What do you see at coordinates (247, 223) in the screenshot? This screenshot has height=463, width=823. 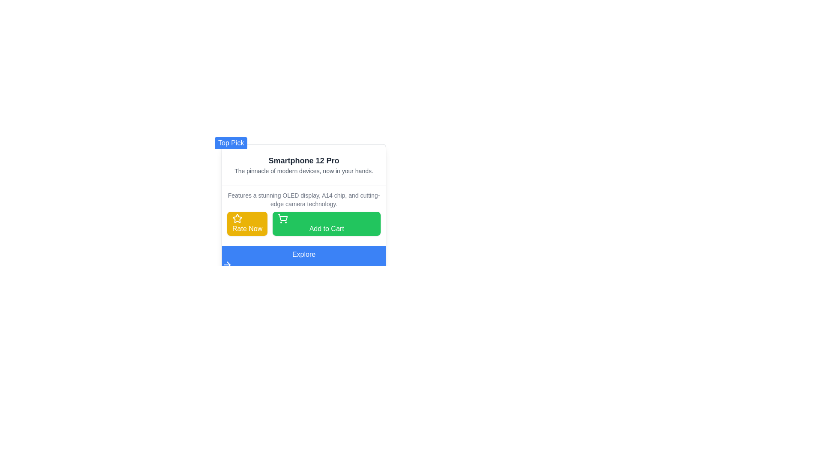 I see `the yellow rectangular 'Rate Now' button with rounded edges to initiate the rating action` at bounding box center [247, 223].